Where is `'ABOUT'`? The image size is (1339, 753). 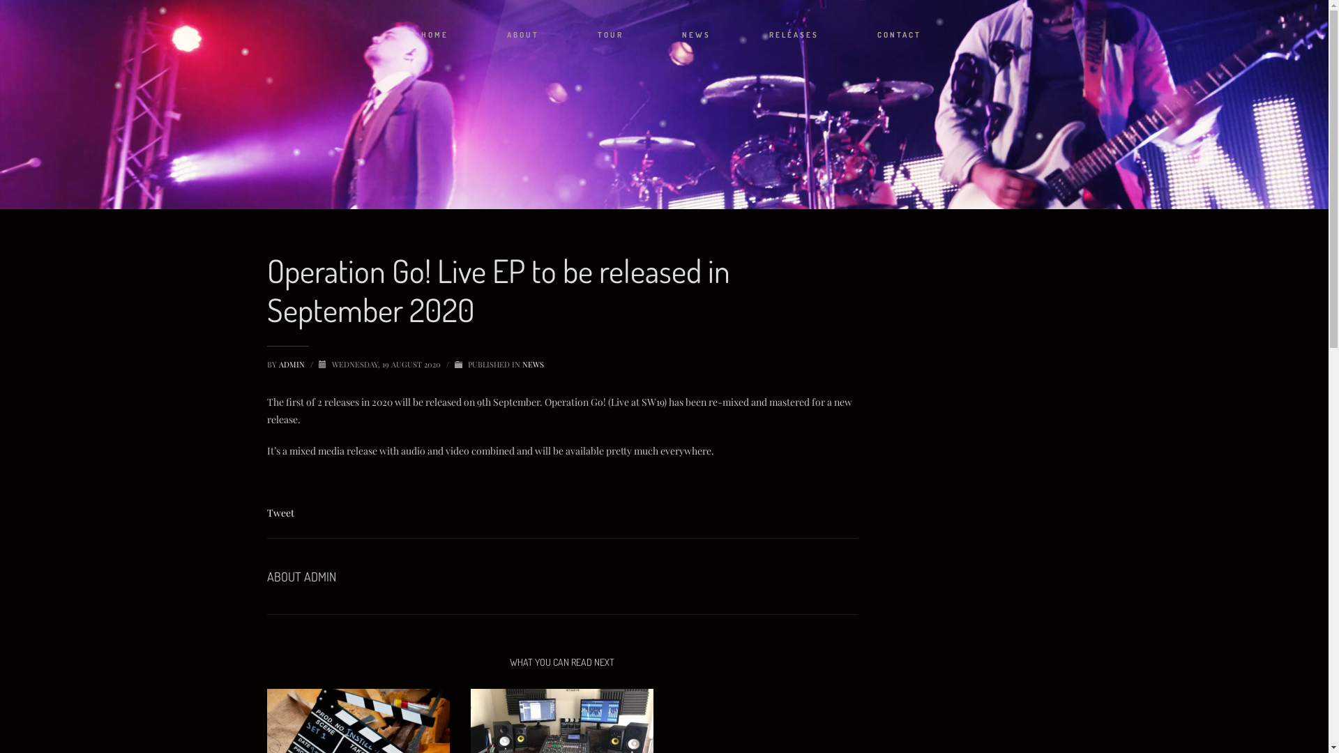 'ABOUT' is located at coordinates (522, 34).